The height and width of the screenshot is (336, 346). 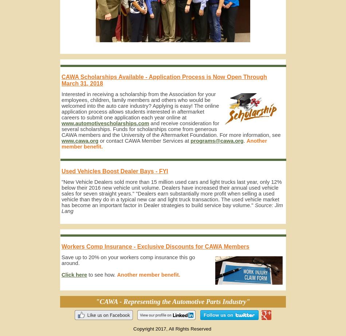 I want to click on 'programs@cawa.org', so click(x=217, y=141).